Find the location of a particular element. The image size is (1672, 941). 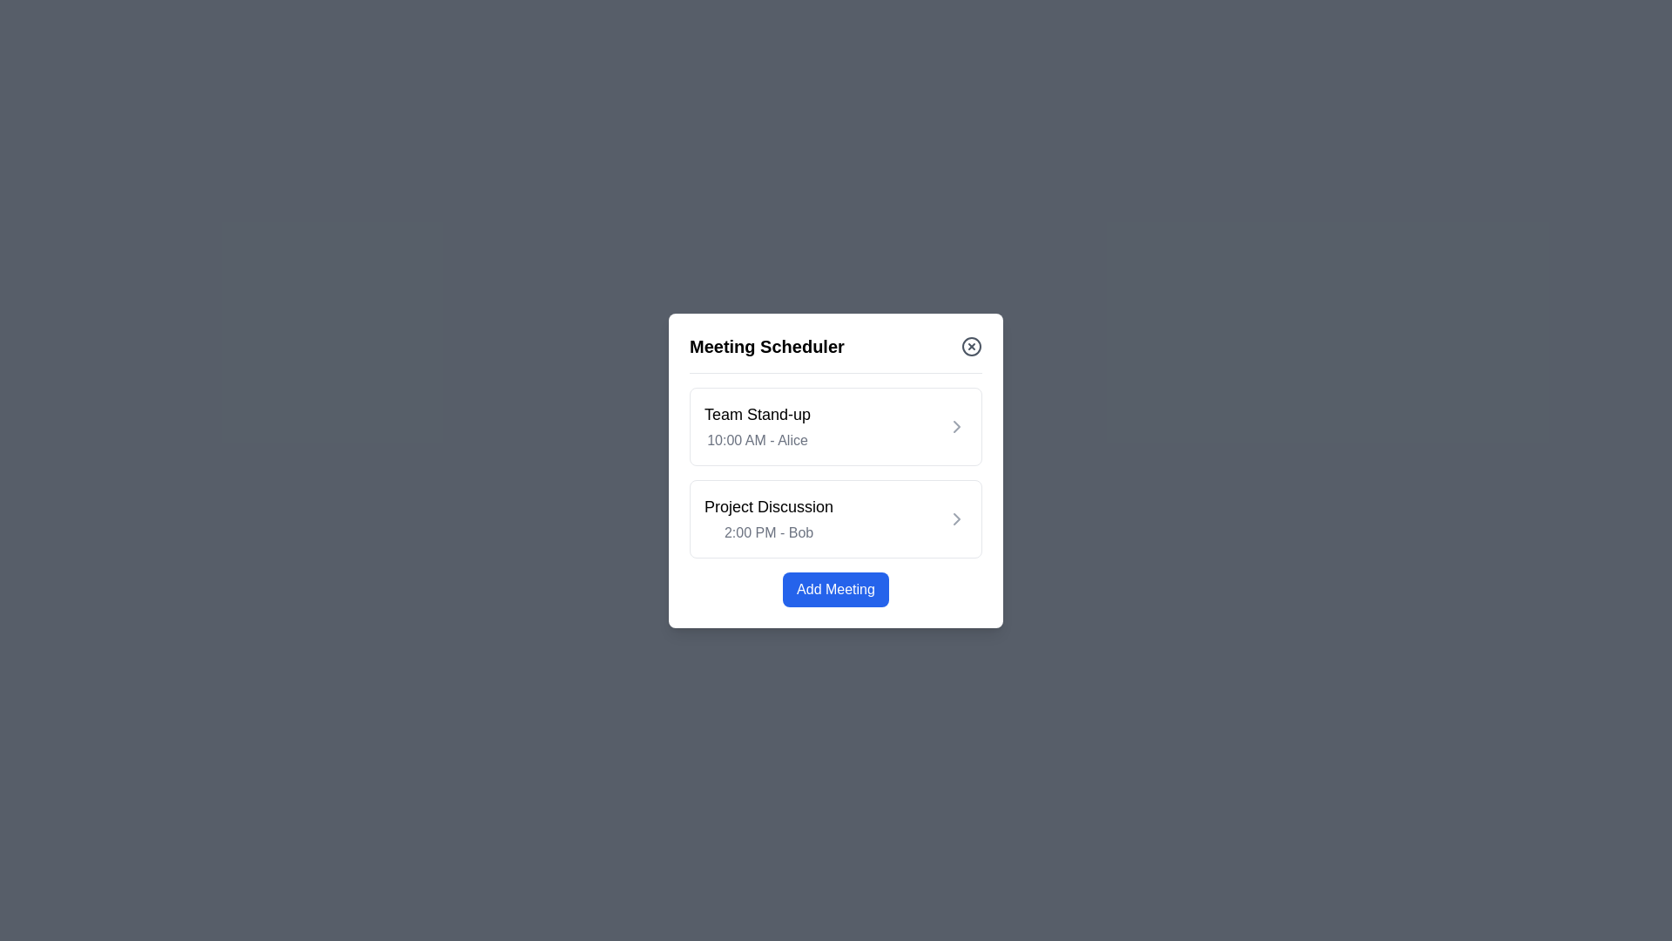

the text label that serves as the title or header for a meeting item, which is the second item in the list on the main interface is located at coordinates (768, 506).